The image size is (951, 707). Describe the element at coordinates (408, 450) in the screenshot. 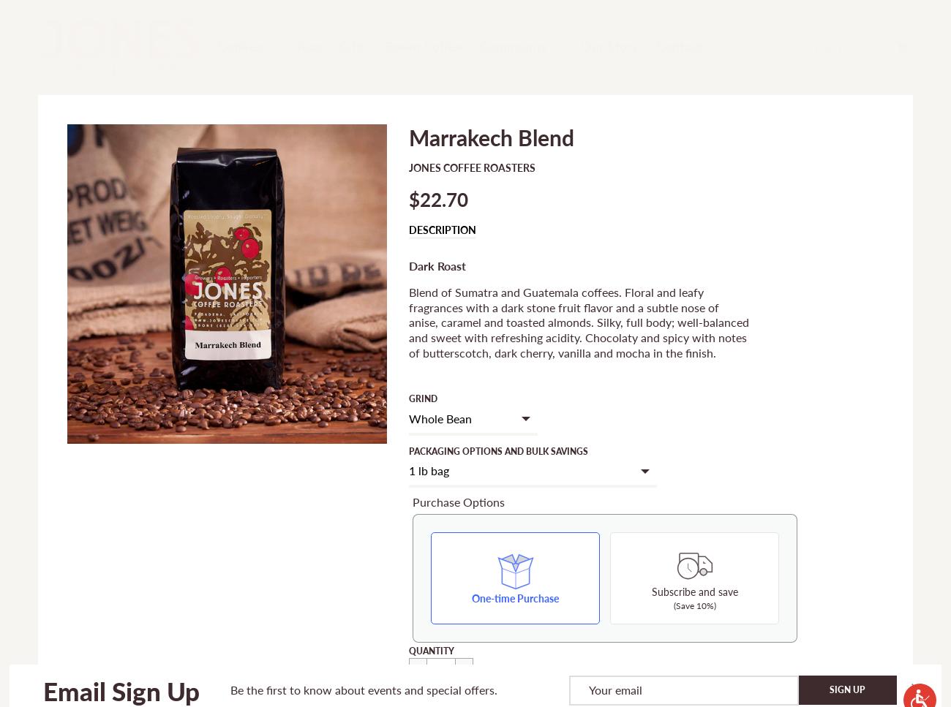

I see `'Packaging options and bulk savings'` at that location.